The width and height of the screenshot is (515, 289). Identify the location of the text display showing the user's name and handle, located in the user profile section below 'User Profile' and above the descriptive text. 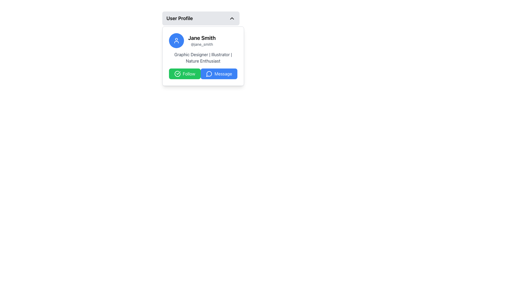
(203, 40).